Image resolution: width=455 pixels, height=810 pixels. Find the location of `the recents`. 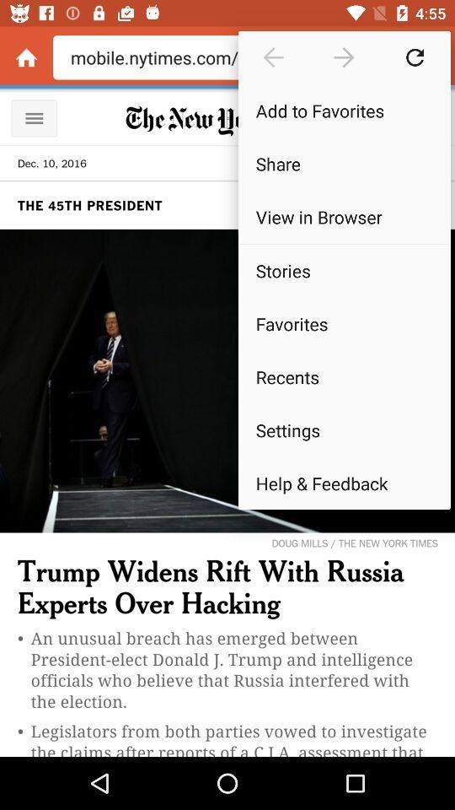

the recents is located at coordinates (343, 376).